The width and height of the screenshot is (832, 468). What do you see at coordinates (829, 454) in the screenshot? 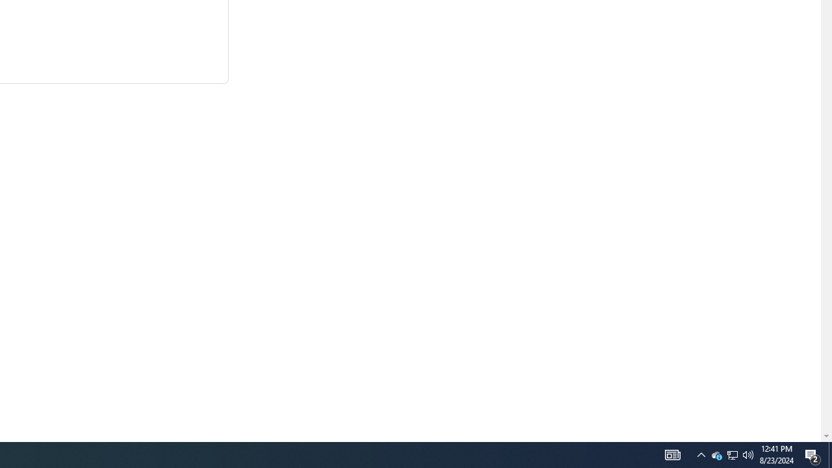
I see `'Action Center, 2 new notifications'` at bounding box center [829, 454].